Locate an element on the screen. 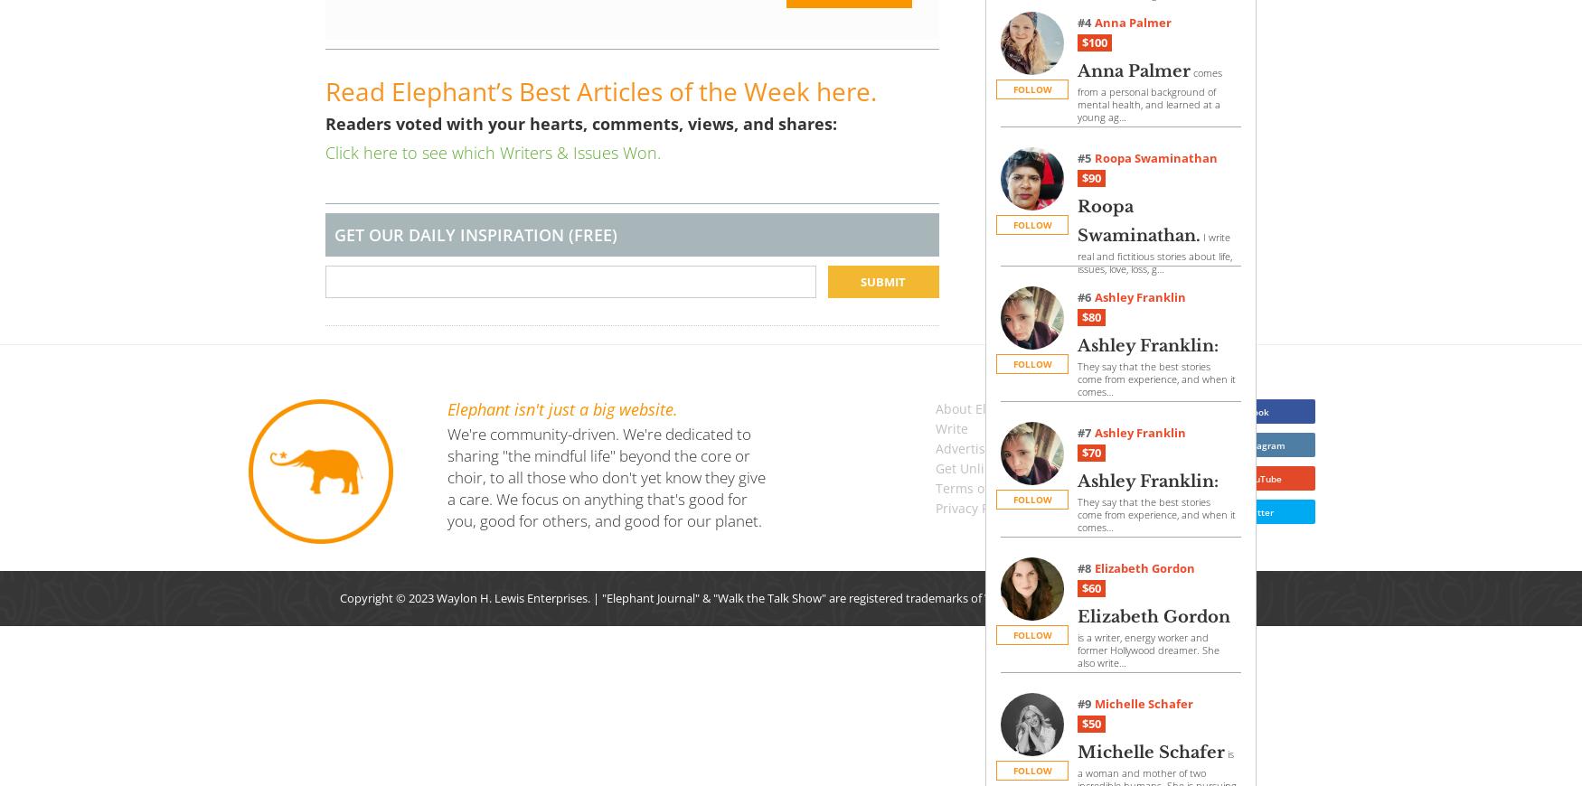 This screenshot has width=1582, height=786. 'Elephant isn't just a big website.' is located at coordinates (562, 408).